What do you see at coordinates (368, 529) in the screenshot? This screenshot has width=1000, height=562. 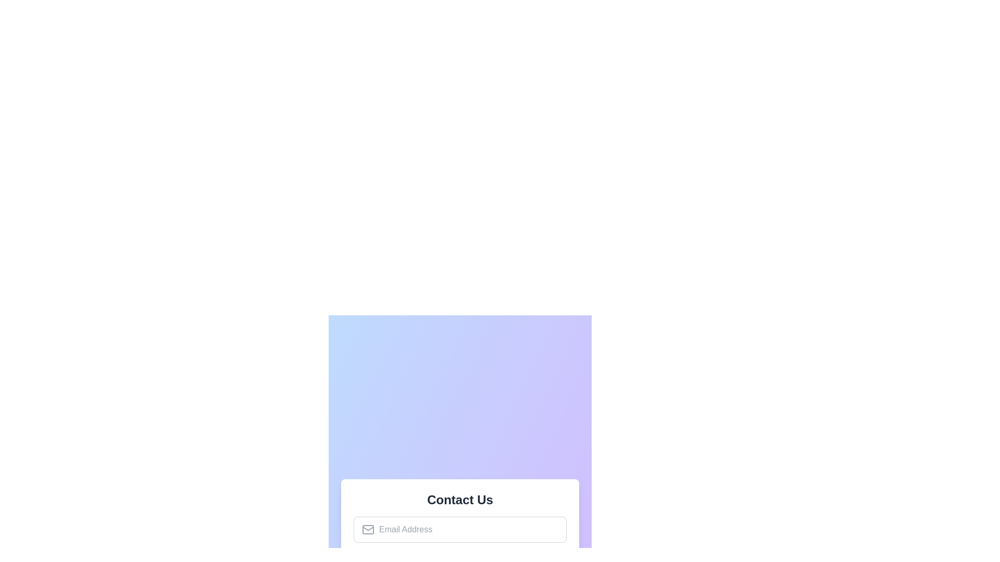 I see `the graphical icon indicating the expected email input in the 'Contact Us' form` at bounding box center [368, 529].